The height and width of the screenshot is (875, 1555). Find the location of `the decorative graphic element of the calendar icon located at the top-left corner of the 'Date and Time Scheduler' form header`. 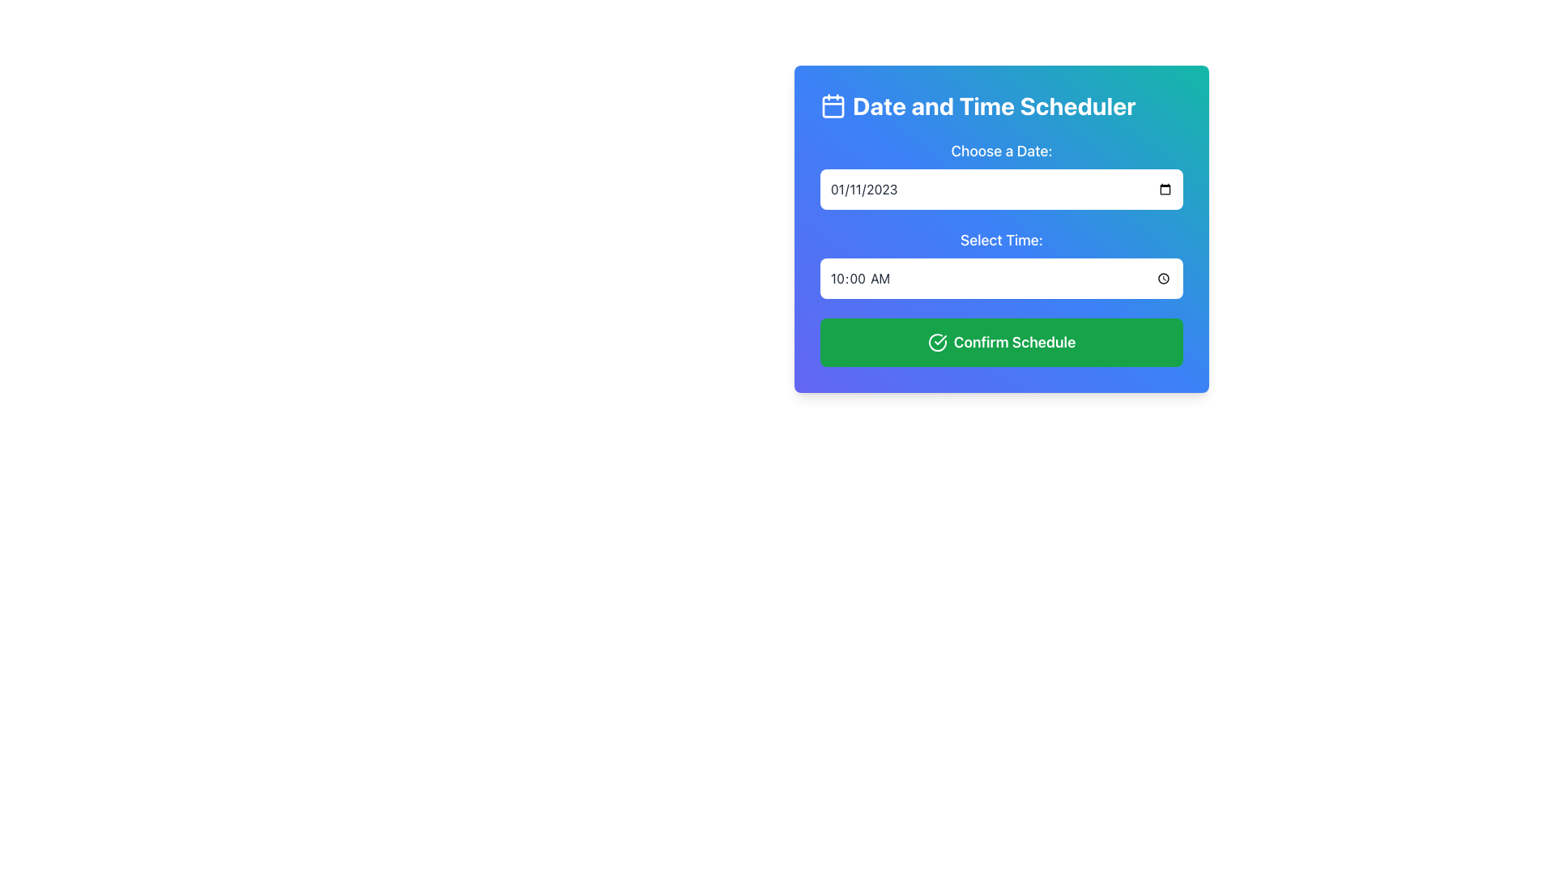

the decorative graphic element of the calendar icon located at the top-left corner of the 'Date and Time Scheduler' form header is located at coordinates (833, 106).